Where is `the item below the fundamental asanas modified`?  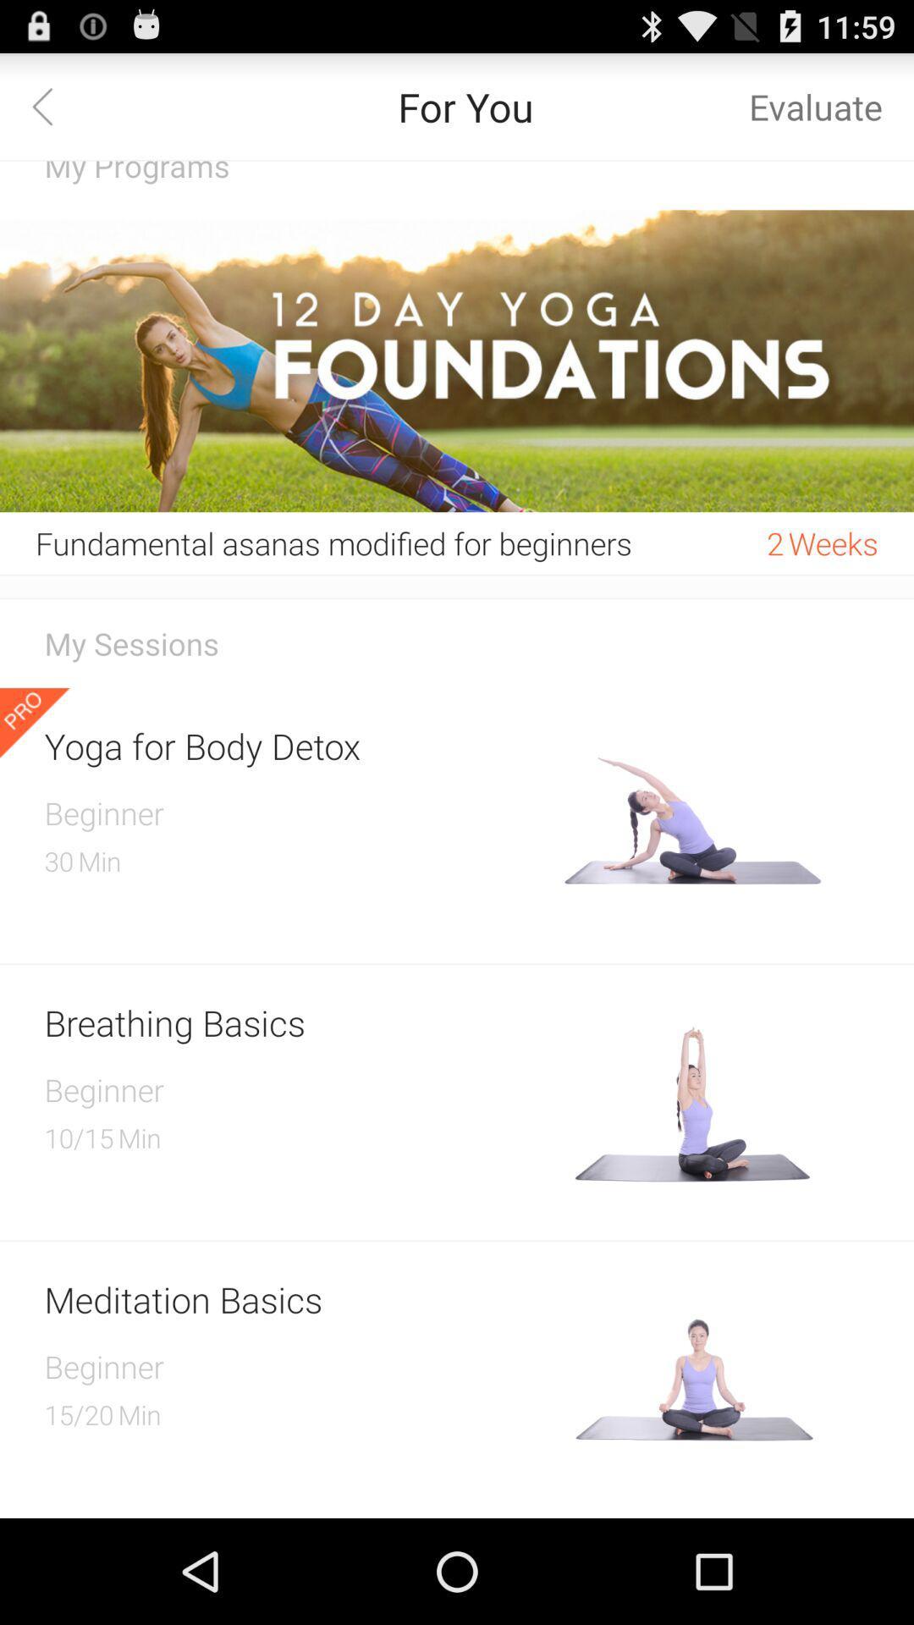
the item below the fundamental asanas modified is located at coordinates (457, 575).